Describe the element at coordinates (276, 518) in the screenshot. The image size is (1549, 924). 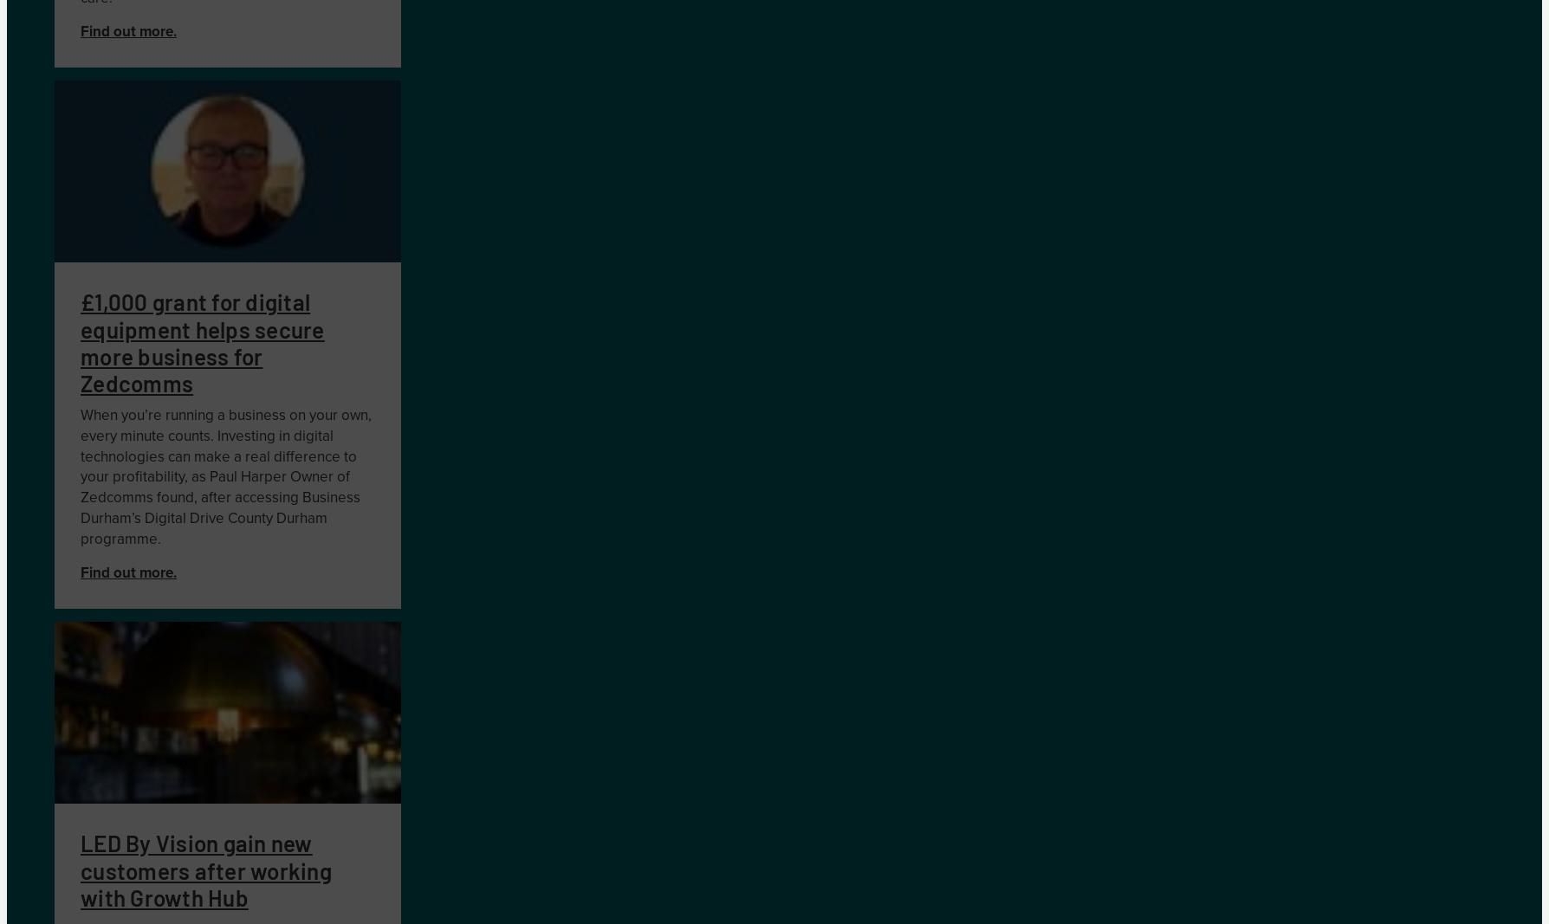
I see `'County Durham'` at that location.